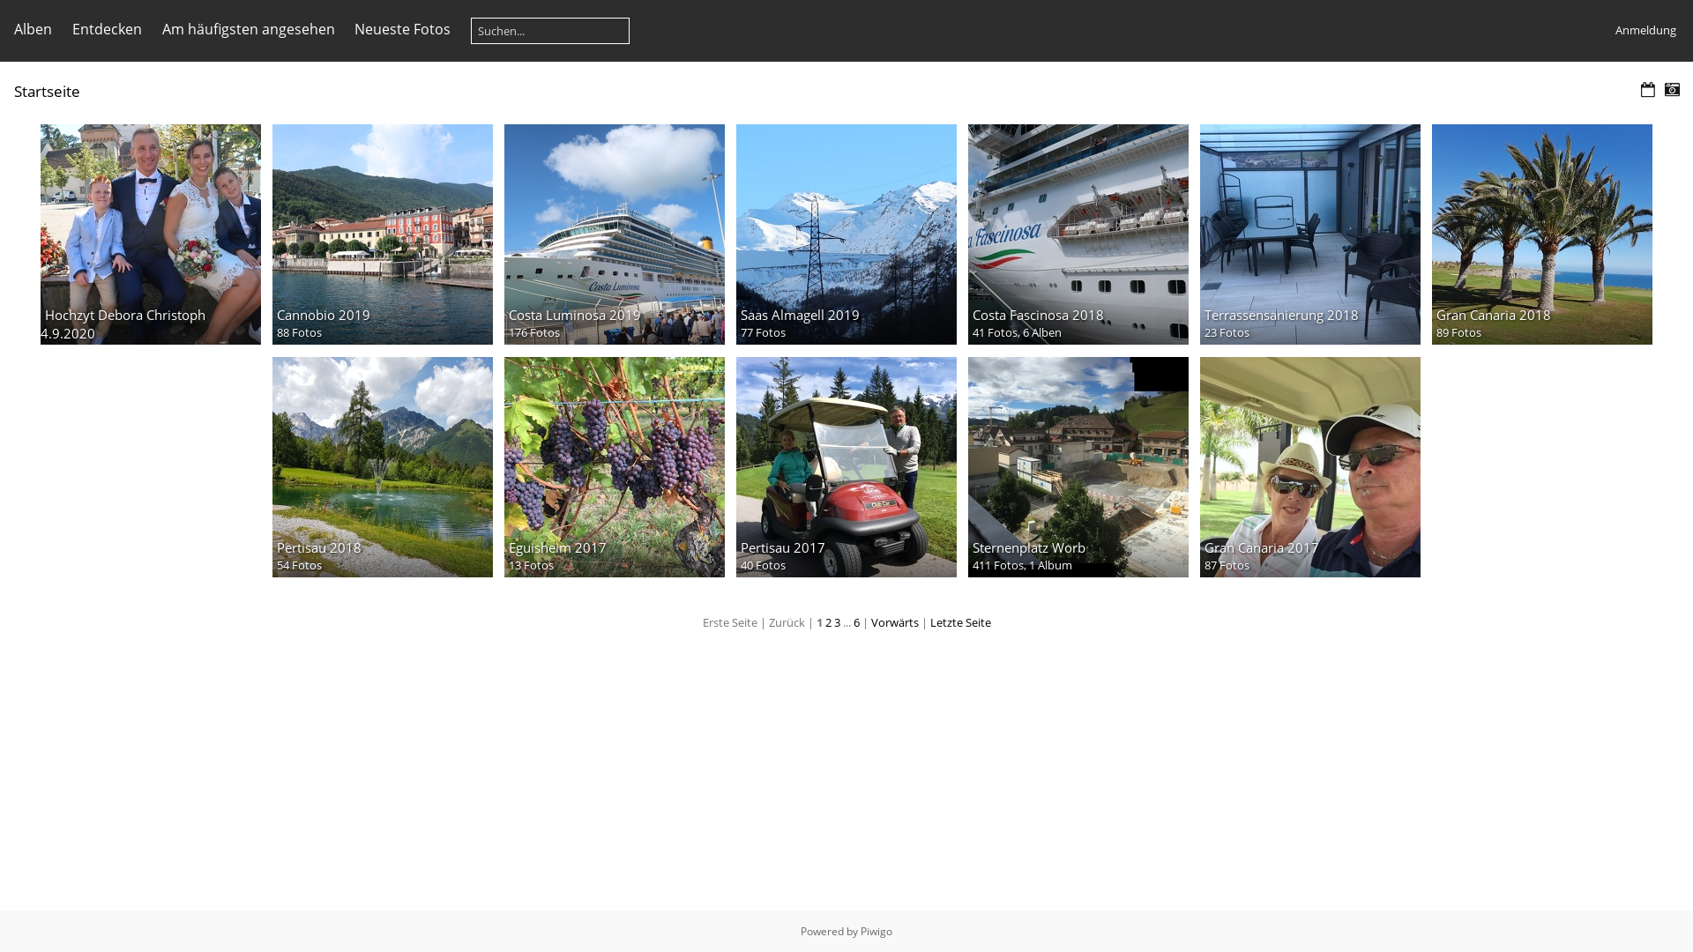 The height and width of the screenshot is (952, 1693). I want to click on 'Sternenplatz Worb, so click(967, 465).